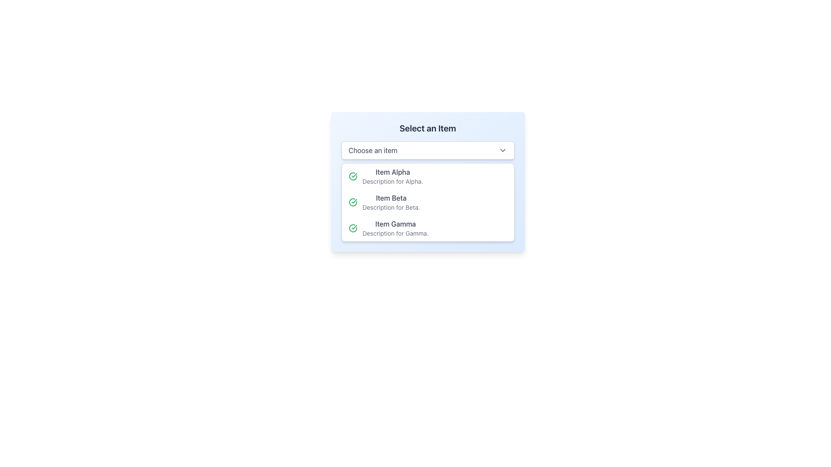 The width and height of the screenshot is (831, 467). What do you see at coordinates (353, 176) in the screenshot?
I see `the green approval icon located to the left of the 'Item Alpha' text in the first item of the dropdown list under 'Select an Item'` at bounding box center [353, 176].